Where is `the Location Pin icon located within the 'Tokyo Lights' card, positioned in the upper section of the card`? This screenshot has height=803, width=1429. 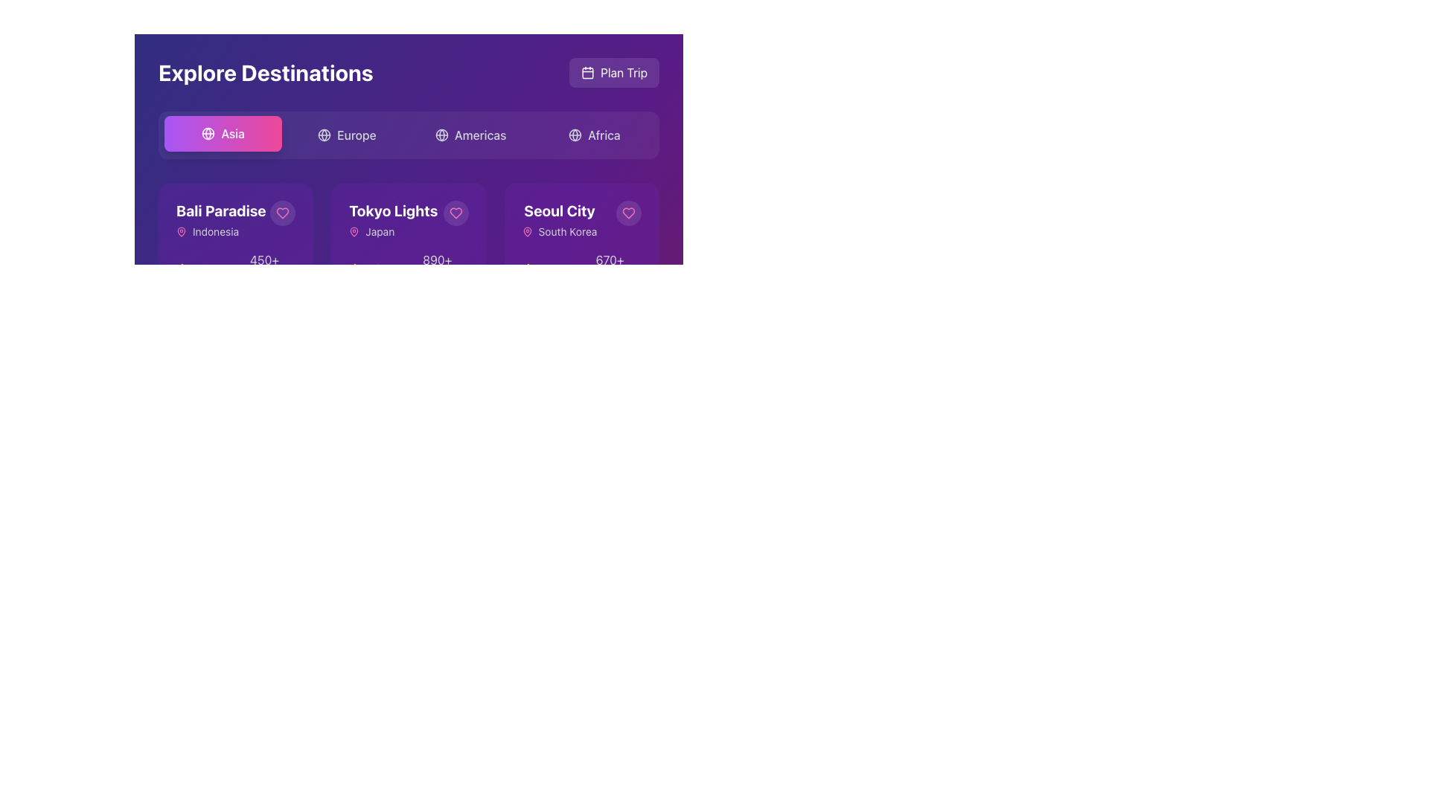
the Location Pin icon located within the 'Tokyo Lights' card, positioned in the upper section of the card is located at coordinates (354, 232).